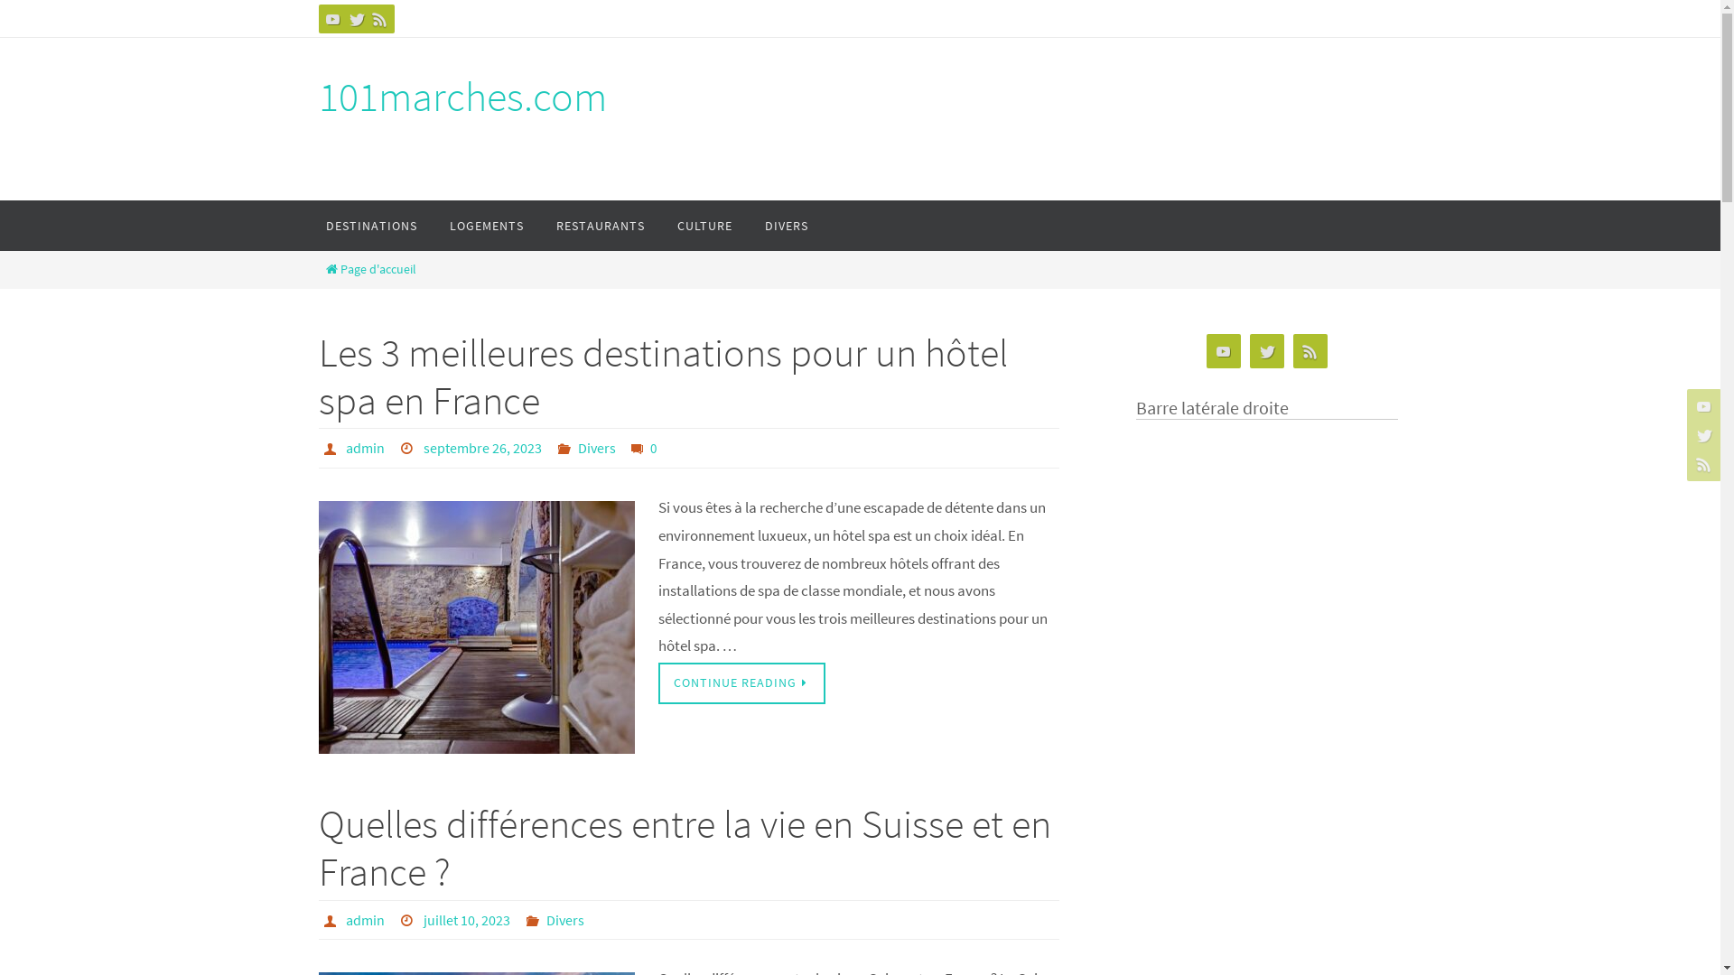 The height and width of the screenshot is (975, 1734). Describe the element at coordinates (332, 447) in the screenshot. I see `'Auteur'` at that location.